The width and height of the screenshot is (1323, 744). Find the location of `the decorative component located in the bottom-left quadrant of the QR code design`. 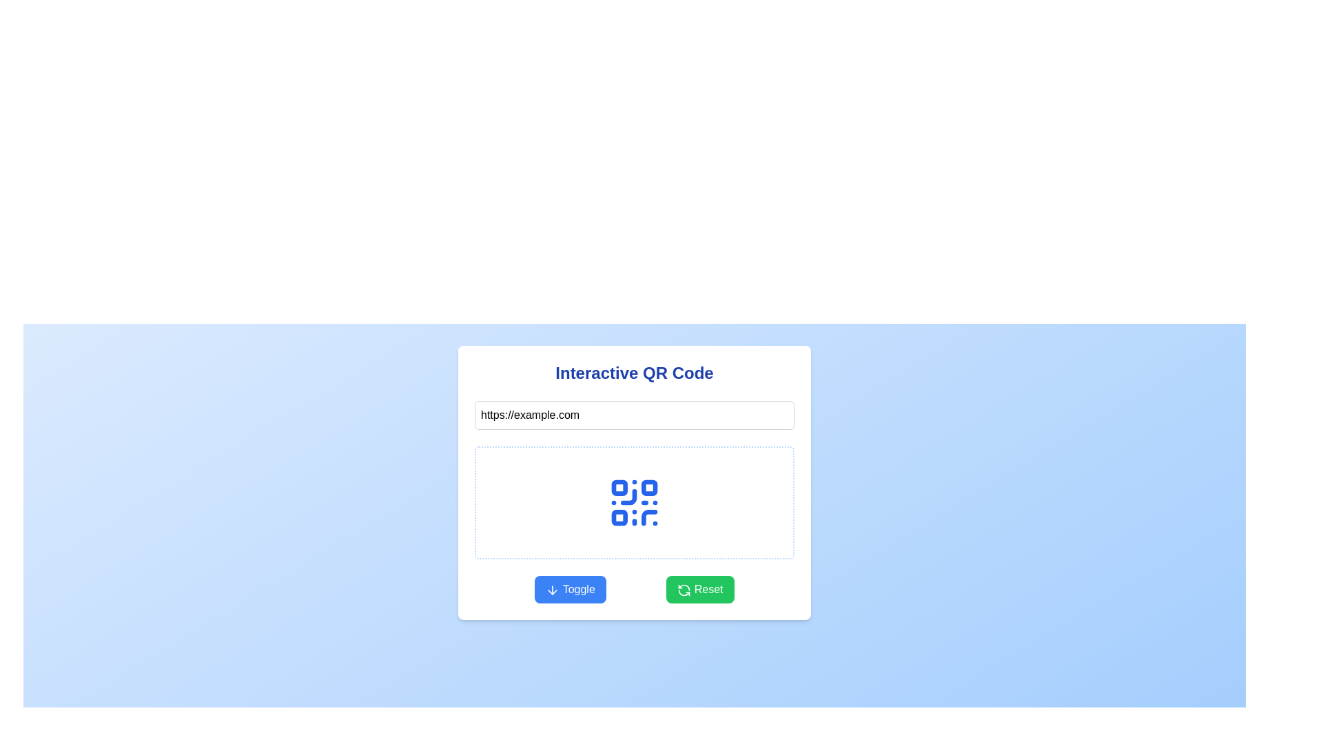

the decorative component located in the bottom-left quadrant of the QR code design is located at coordinates (619, 517).